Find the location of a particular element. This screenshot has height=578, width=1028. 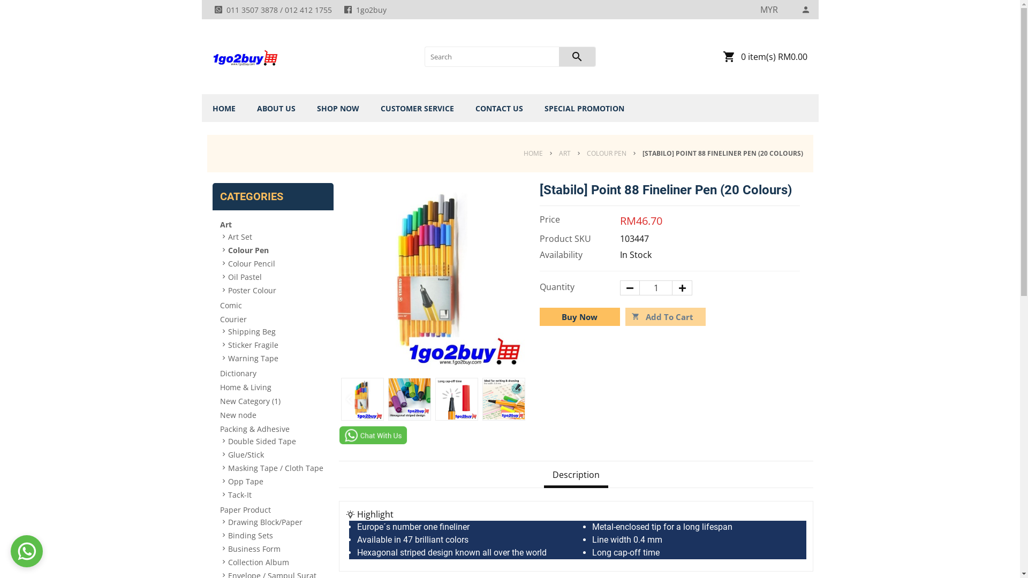

'ABOUT US' is located at coordinates (276, 108).